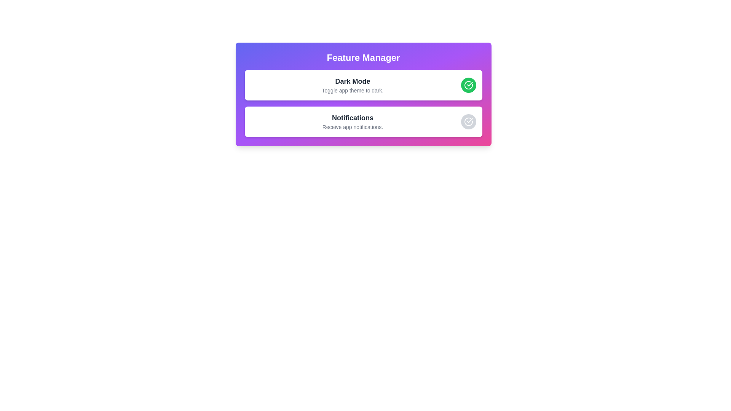 The height and width of the screenshot is (411, 731). Describe the element at coordinates (468, 121) in the screenshot. I see `the circular check icon located in the notification section, aligned to the right side of the 'Notifications' label` at that location.